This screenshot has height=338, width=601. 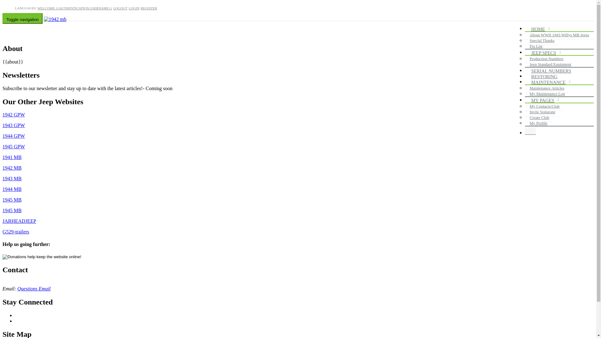 What do you see at coordinates (539, 29) in the screenshot?
I see `'HOME'` at bounding box center [539, 29].